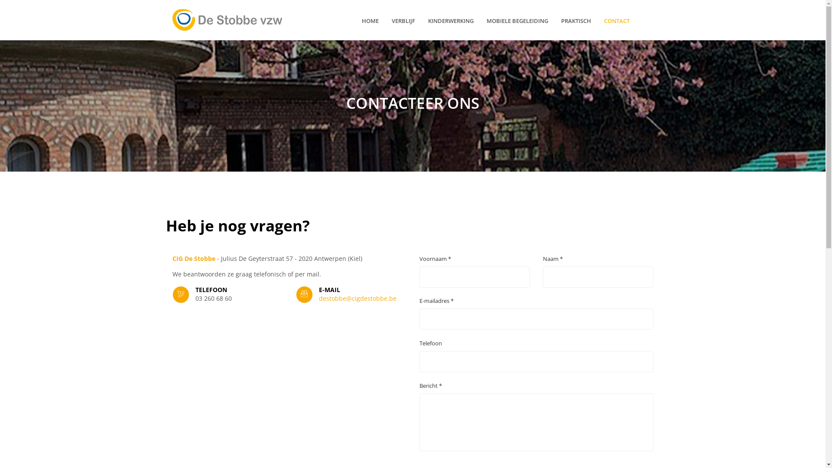 The image size is (832, 468). I want to click on 'destobbe@cigdestobbe.be', so click(318, 298).